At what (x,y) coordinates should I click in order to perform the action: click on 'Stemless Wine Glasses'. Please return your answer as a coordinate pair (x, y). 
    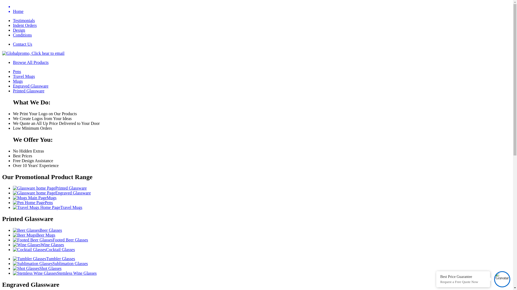
    Looking at the image, I should click on (55, 273).